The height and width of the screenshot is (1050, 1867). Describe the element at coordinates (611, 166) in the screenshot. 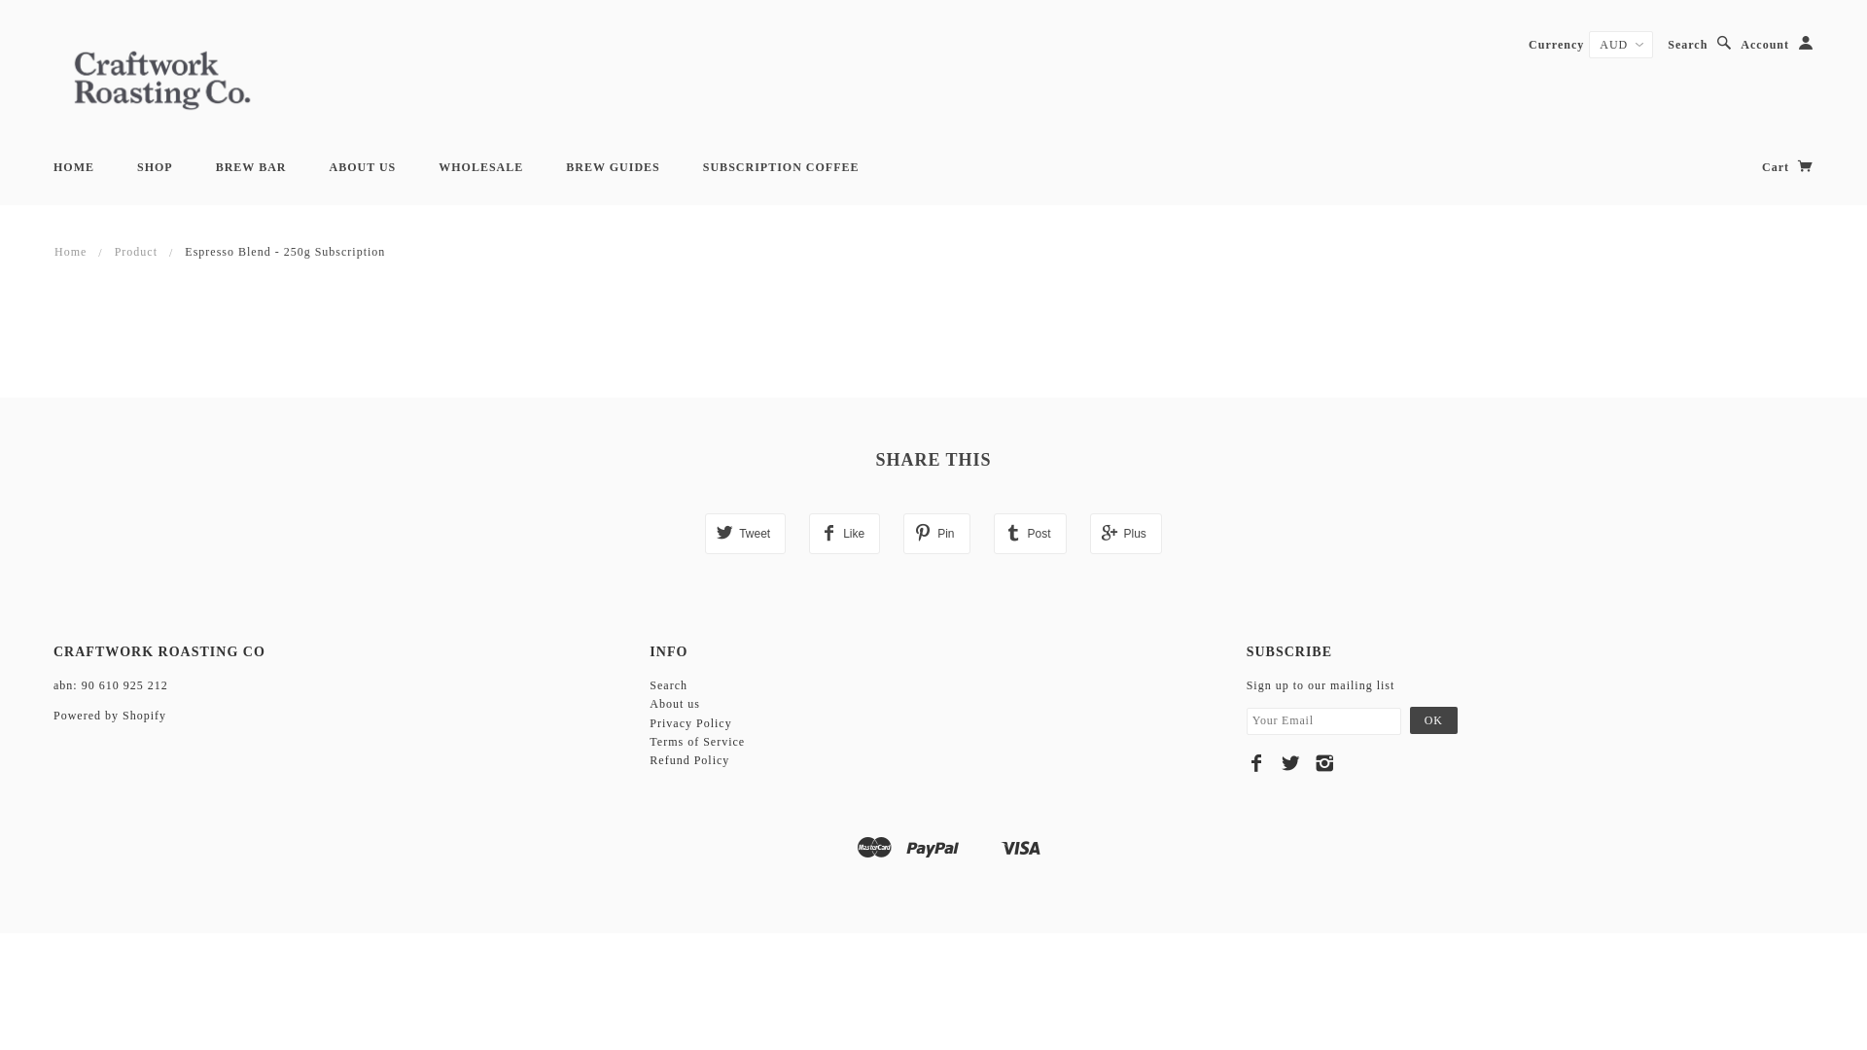

I see `'BREW GUIDES'` at that location.